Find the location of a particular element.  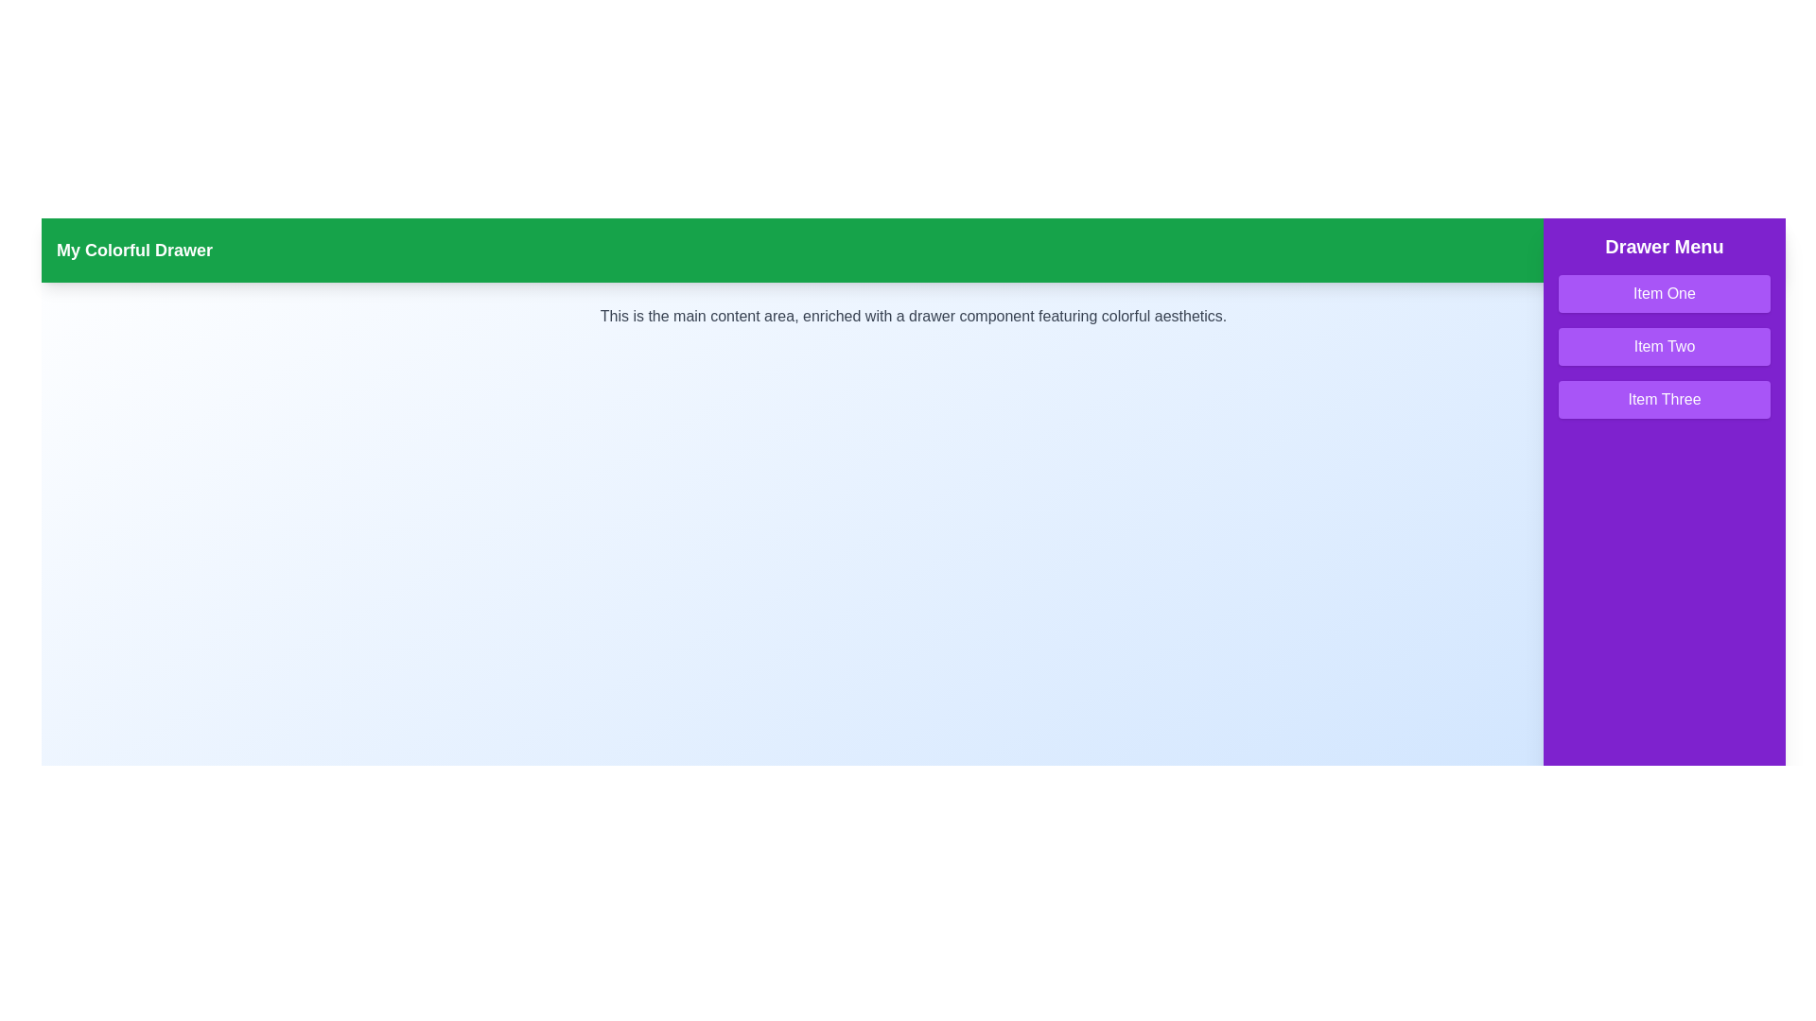

the 'My Colorful Drawer' text label is located at coordinates (133, 250).